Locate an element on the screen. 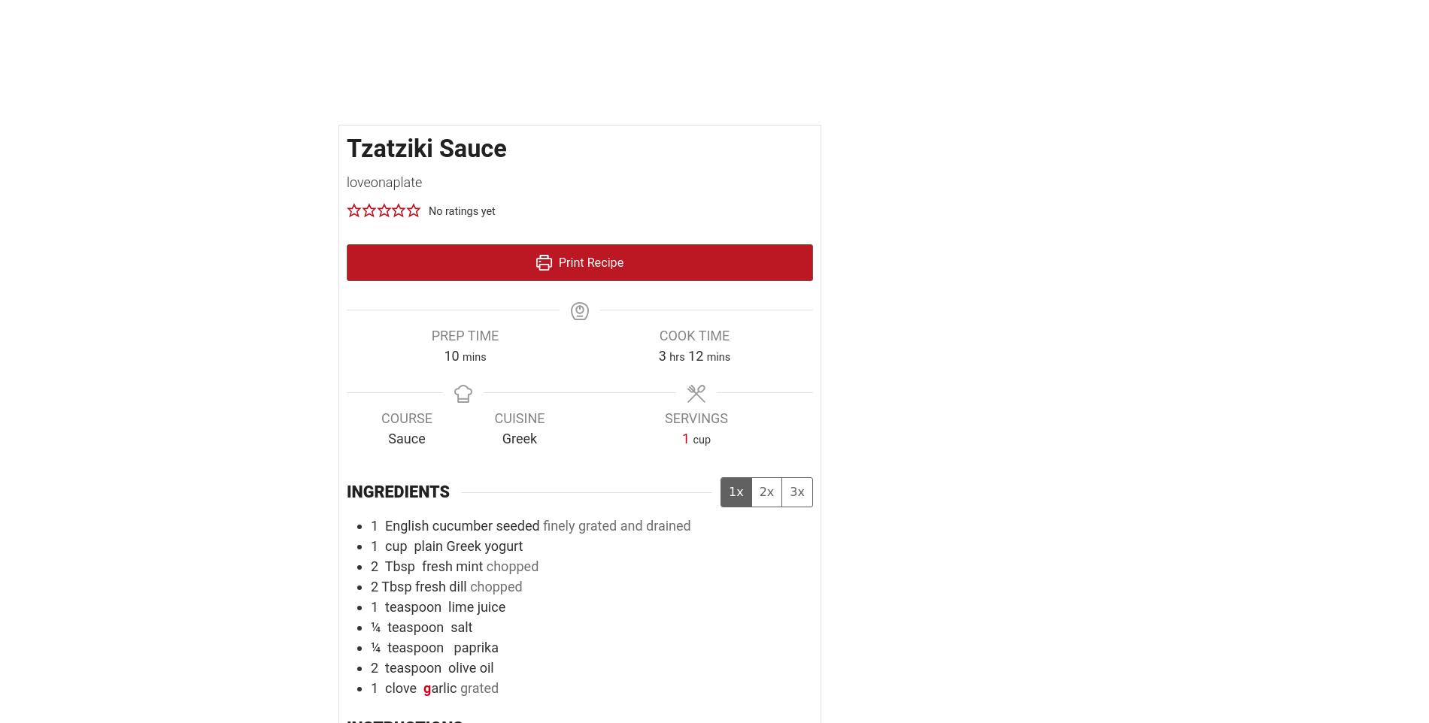 The image size is (1429, 723). 'No ratings yet' is located at coordinates (428, 211).